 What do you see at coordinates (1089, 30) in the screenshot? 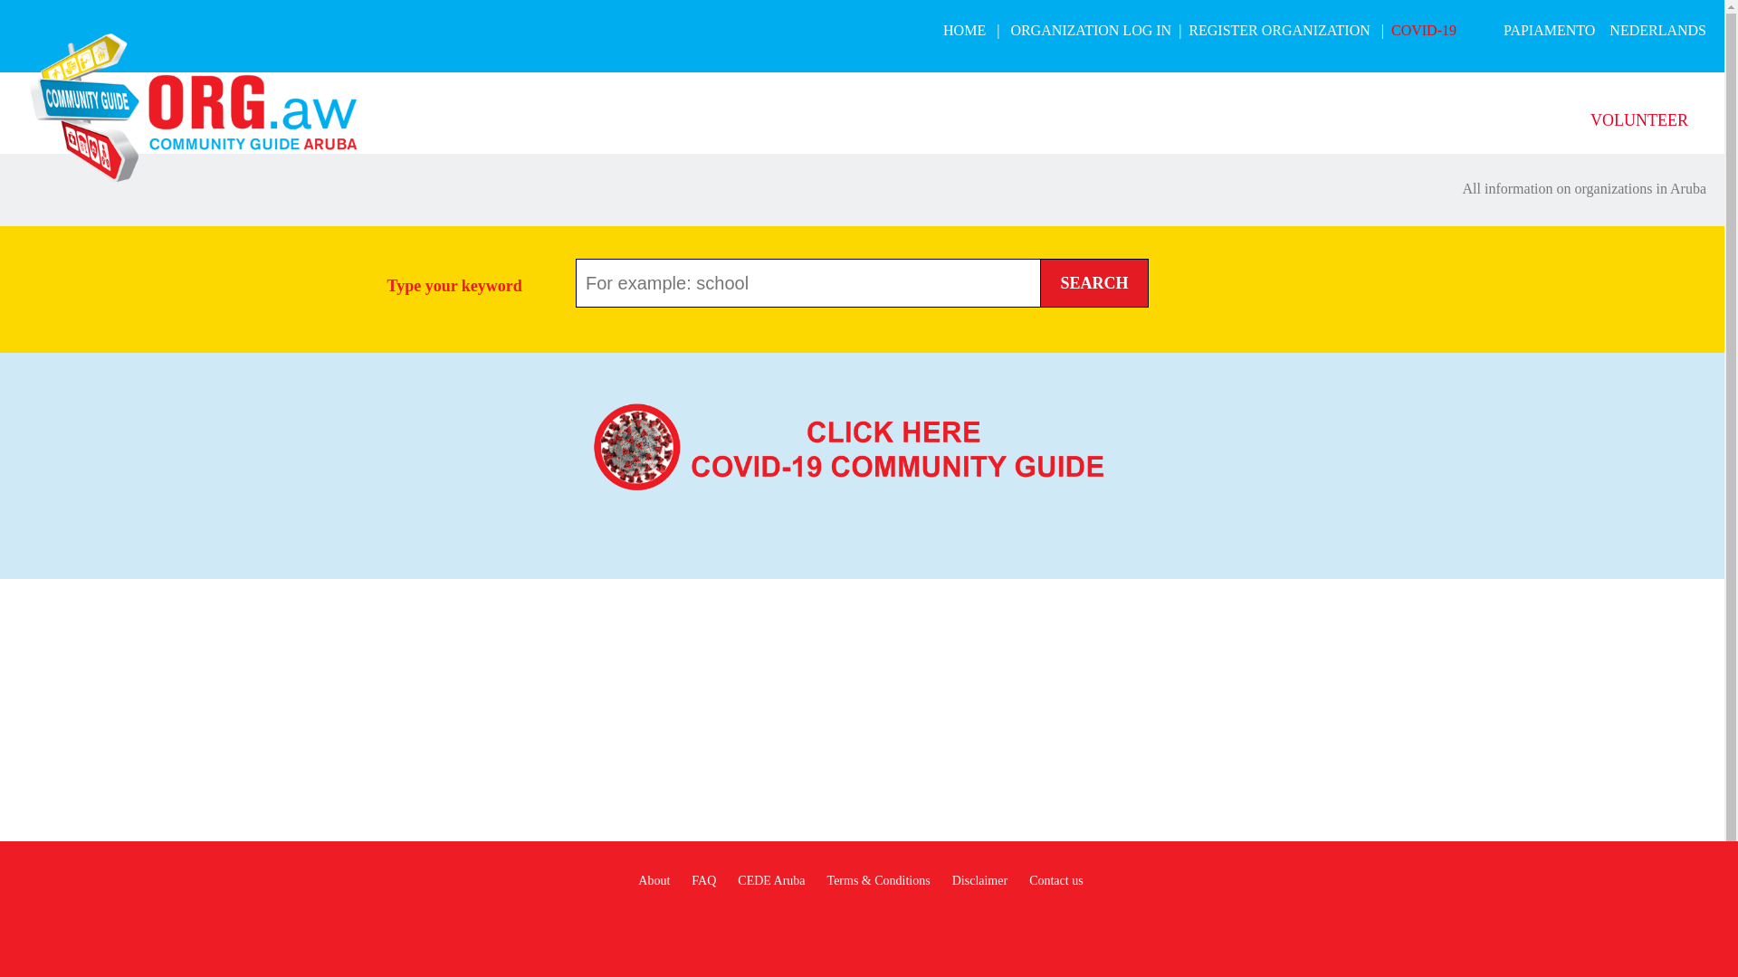
I see `'ORGANIZATION LOG IN'` at bounding box center [1089, 30].